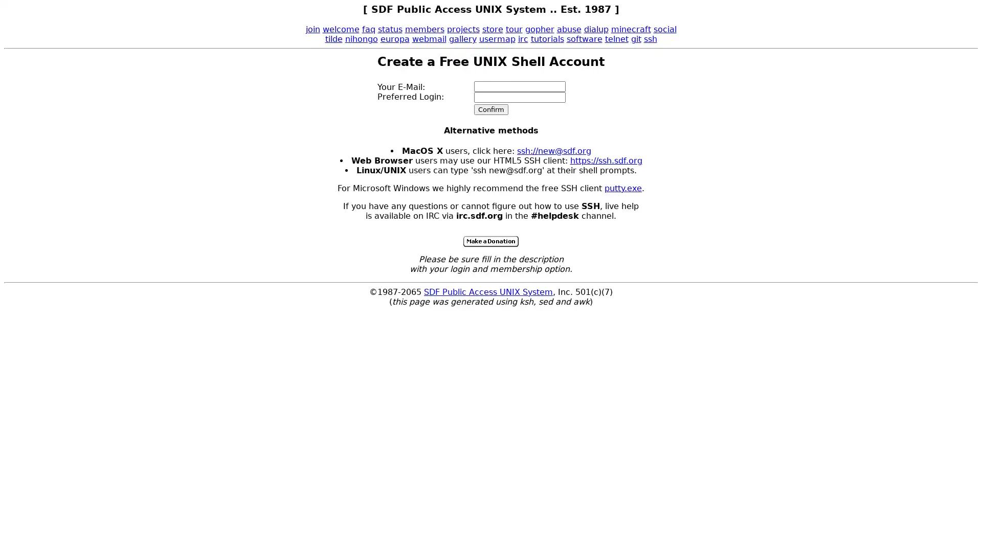  I want to click on Confirm, so click(490, 109).